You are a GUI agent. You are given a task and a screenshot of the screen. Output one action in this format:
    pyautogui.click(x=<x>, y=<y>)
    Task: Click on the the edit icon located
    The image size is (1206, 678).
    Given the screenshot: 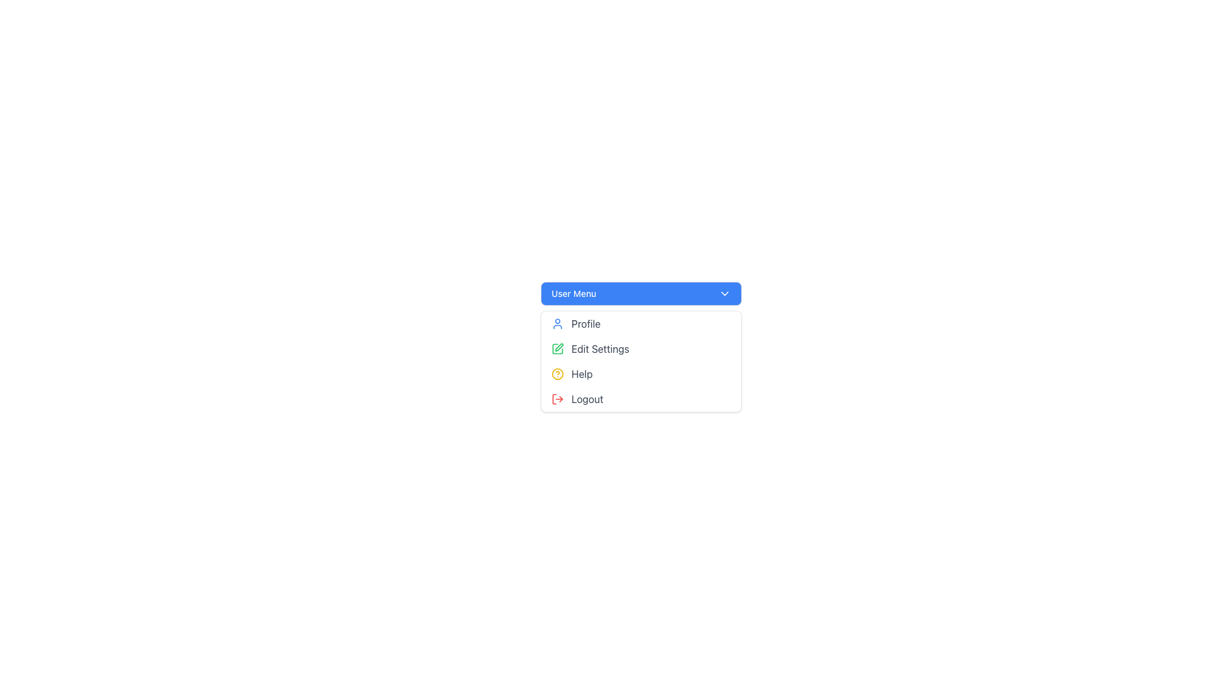 What is the action you would take?
    pyautogui.click(x=557, y=348)
    